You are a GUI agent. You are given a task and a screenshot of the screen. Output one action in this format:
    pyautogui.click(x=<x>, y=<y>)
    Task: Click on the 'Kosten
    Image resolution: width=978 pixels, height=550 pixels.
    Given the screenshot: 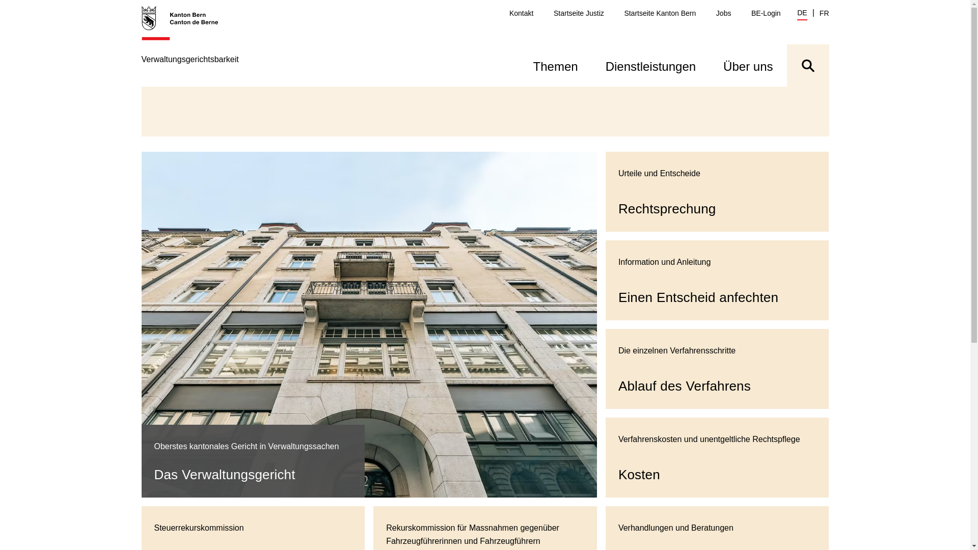 What is the action you would take?
    pyautogui.click(x=717, y=457)
    